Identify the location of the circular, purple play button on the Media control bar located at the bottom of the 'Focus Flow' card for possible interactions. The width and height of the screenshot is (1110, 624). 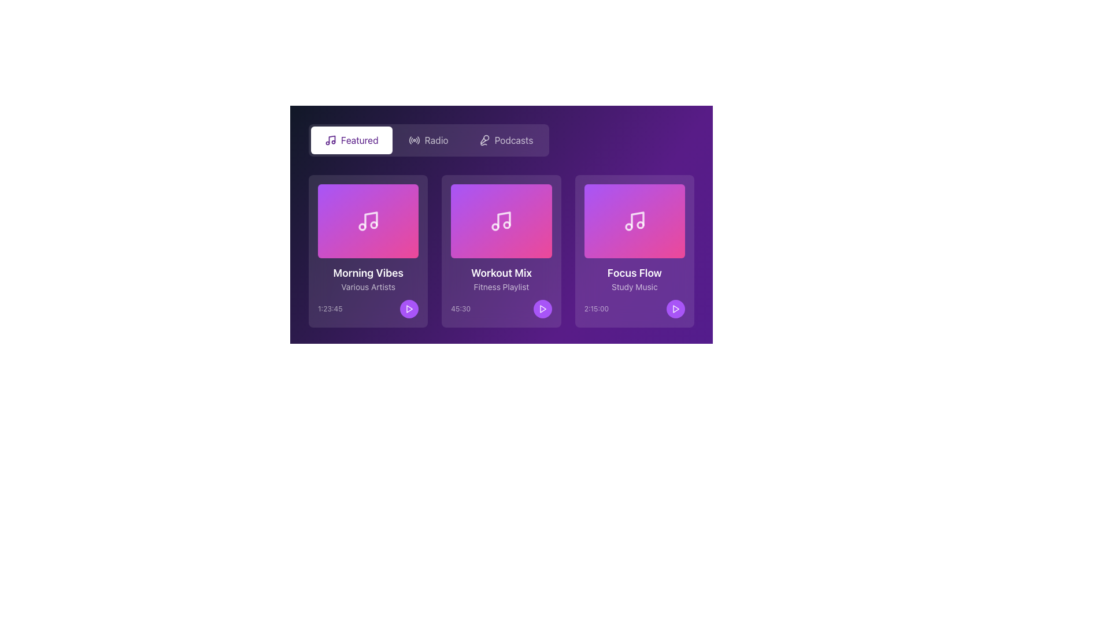
(634, 309).